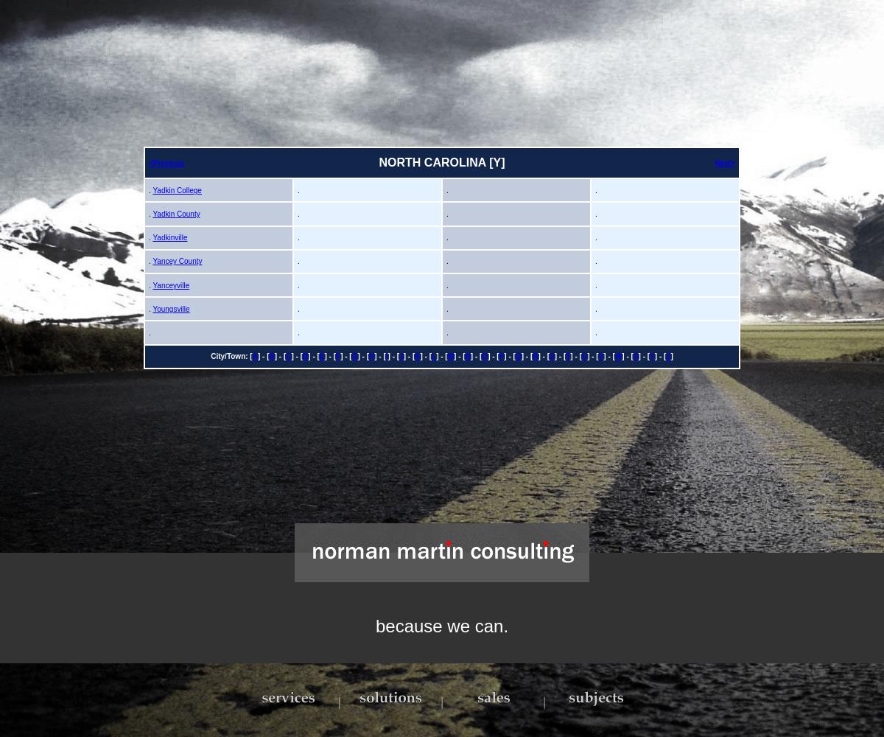 The width and height of the screenshot is (884, 737). What do you see at coordinates (399, 355) in the screenshot?
I see `'J'` at bounding box center [399, 355].